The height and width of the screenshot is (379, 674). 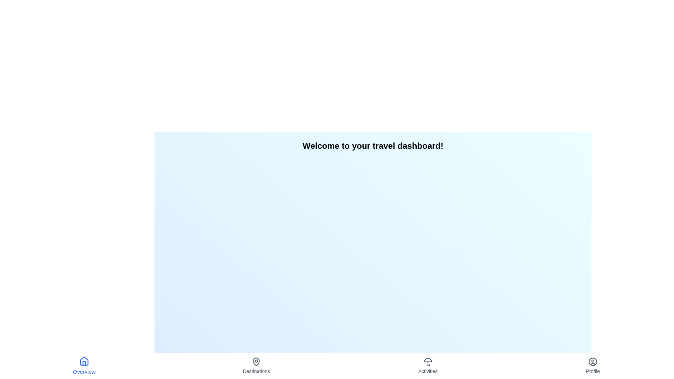 What do you see at coordinates (256, 361) in the screenshot?
I see `the map pin icon representing the 'Destinations' tab in the navigation bar` at bounding box center [256, 361].